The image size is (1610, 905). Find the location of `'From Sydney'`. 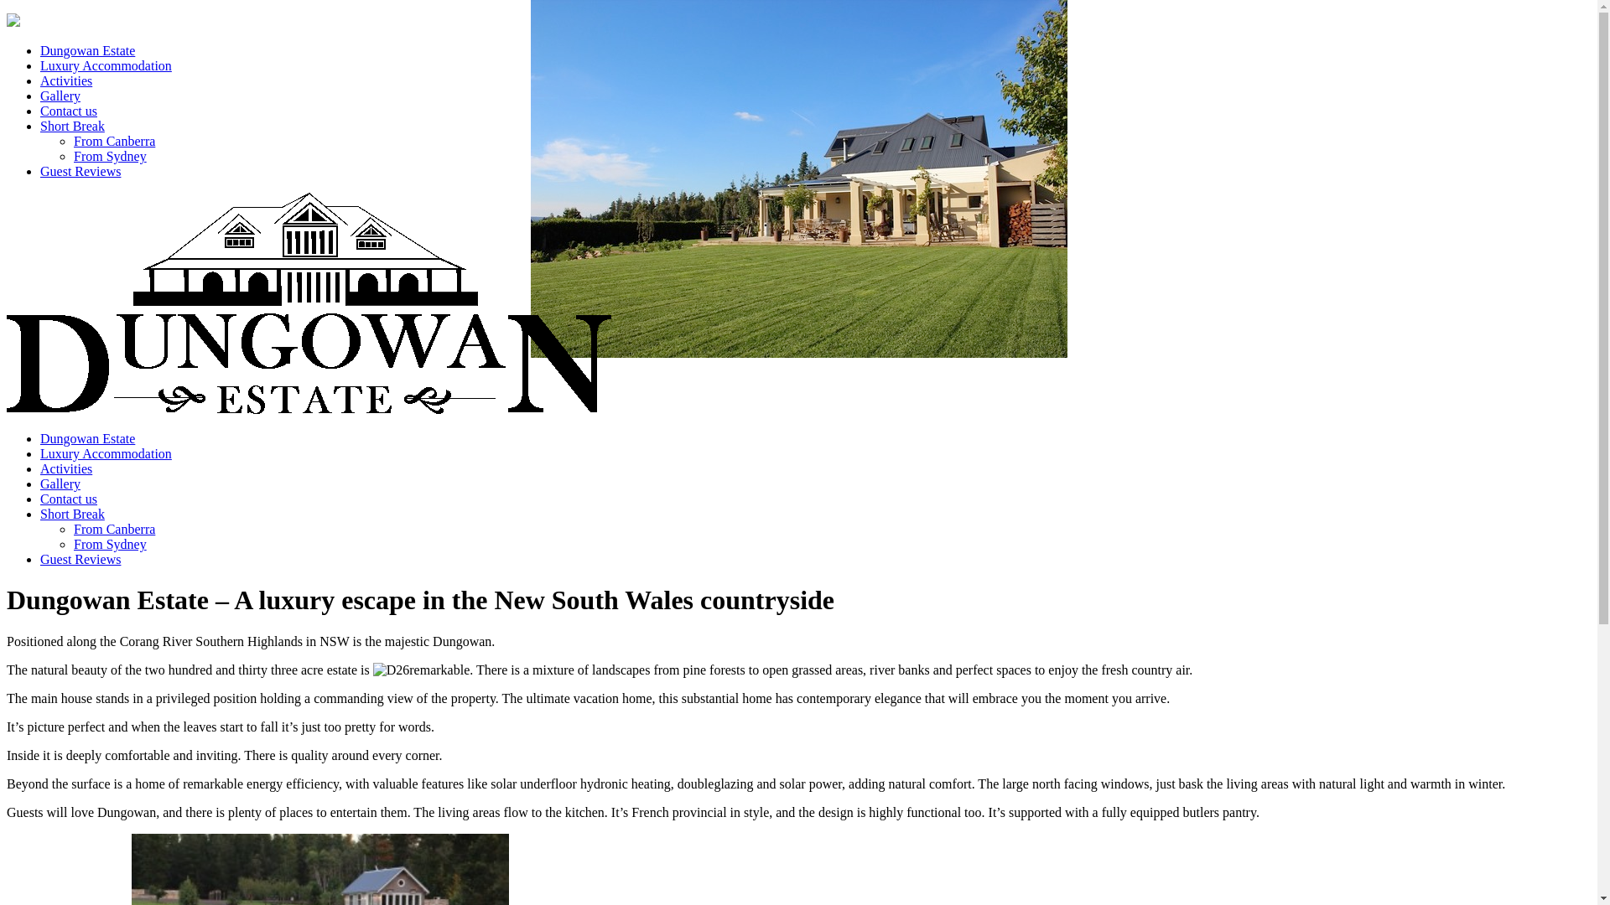

'From Sydney' is located at coordinates (109, 156).